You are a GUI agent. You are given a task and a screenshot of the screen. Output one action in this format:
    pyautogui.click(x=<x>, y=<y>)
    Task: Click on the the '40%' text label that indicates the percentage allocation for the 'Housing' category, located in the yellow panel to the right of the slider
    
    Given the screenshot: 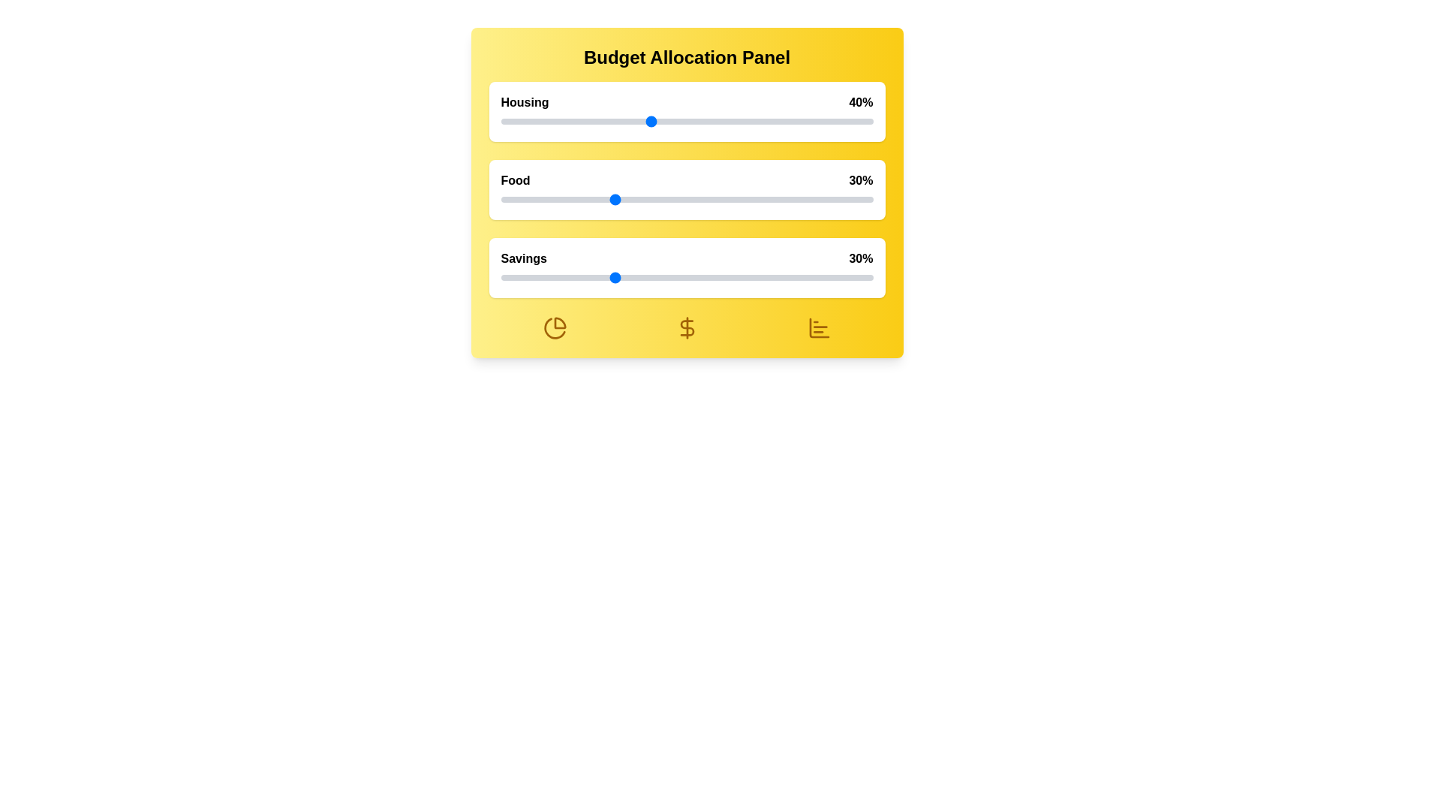 What is the action you would take?
    pyautogui.click(x=861, y=102)
    